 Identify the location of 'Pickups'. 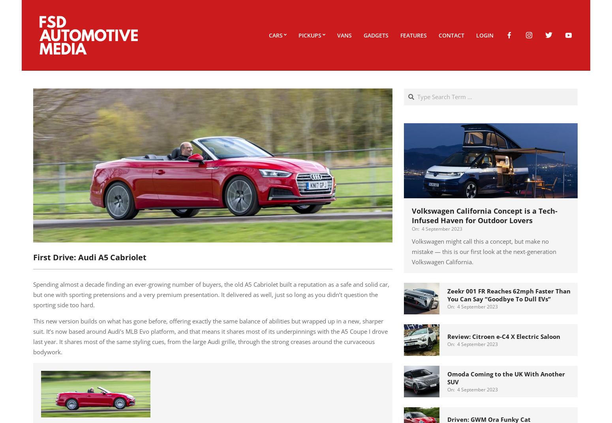
(310, 35).